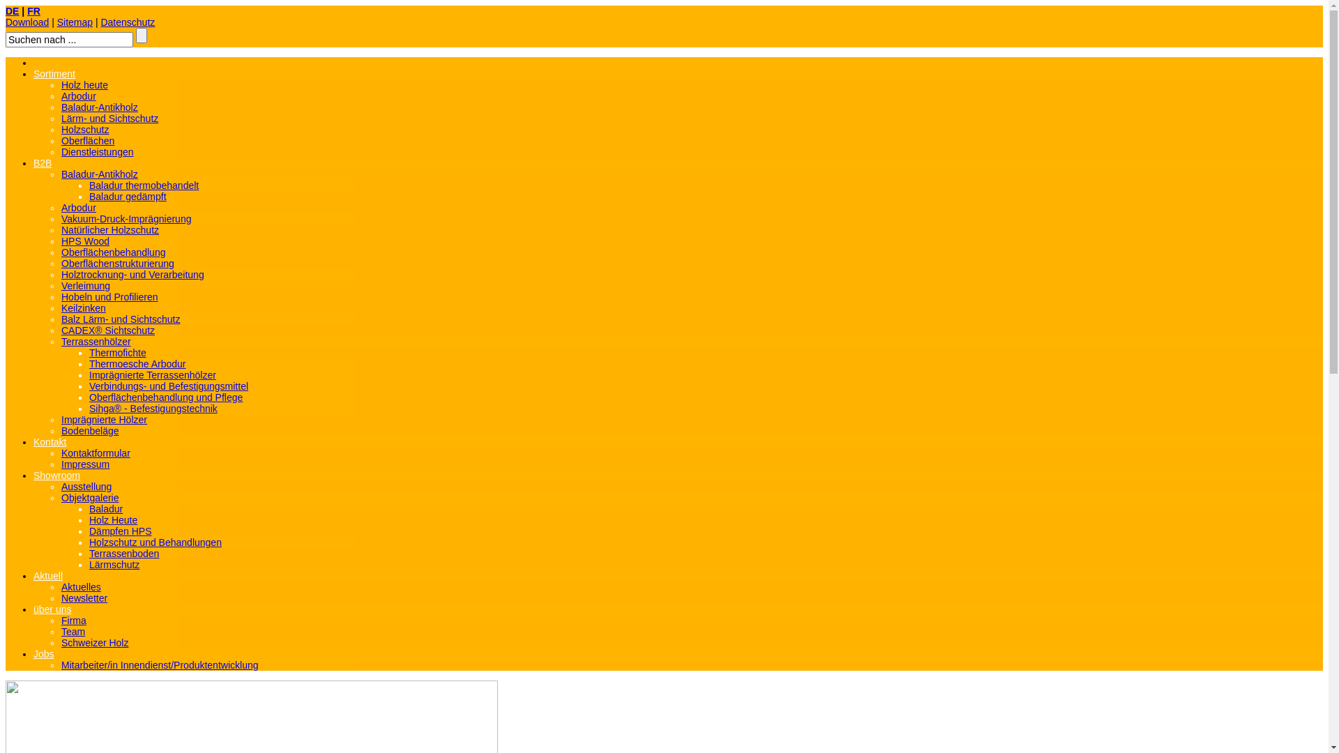 This screenshot has height=753, width=1339. Describe the element at coordinates (33, 162) in the screenshot. I see `'B2B'` at that location.